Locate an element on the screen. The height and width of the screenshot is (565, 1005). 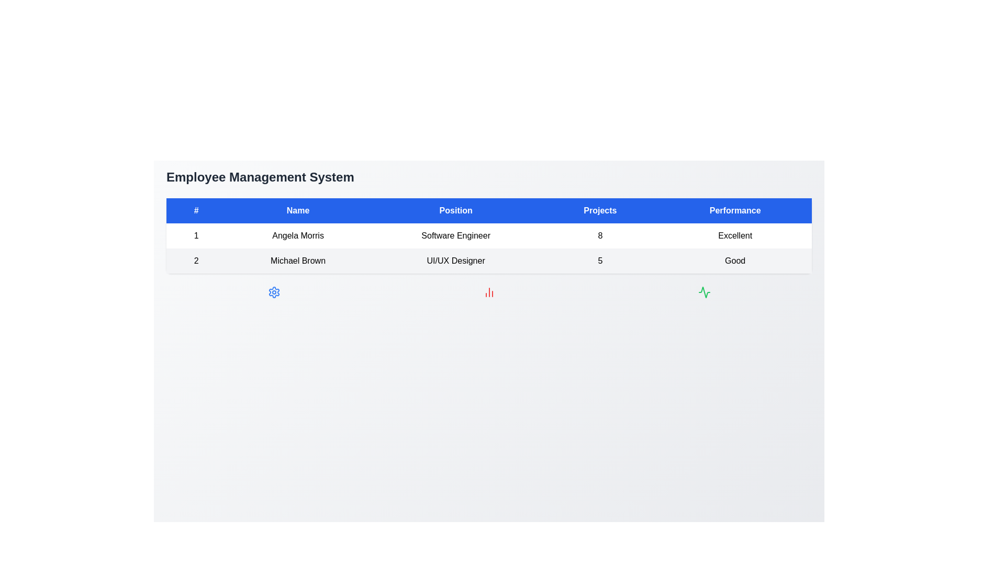
text label 'UI/UX Designer' located in the third column of the second row in the 'Employee Management System' data table, which represents the position of 'Michael Brown' is located at coordinates (456, 260).